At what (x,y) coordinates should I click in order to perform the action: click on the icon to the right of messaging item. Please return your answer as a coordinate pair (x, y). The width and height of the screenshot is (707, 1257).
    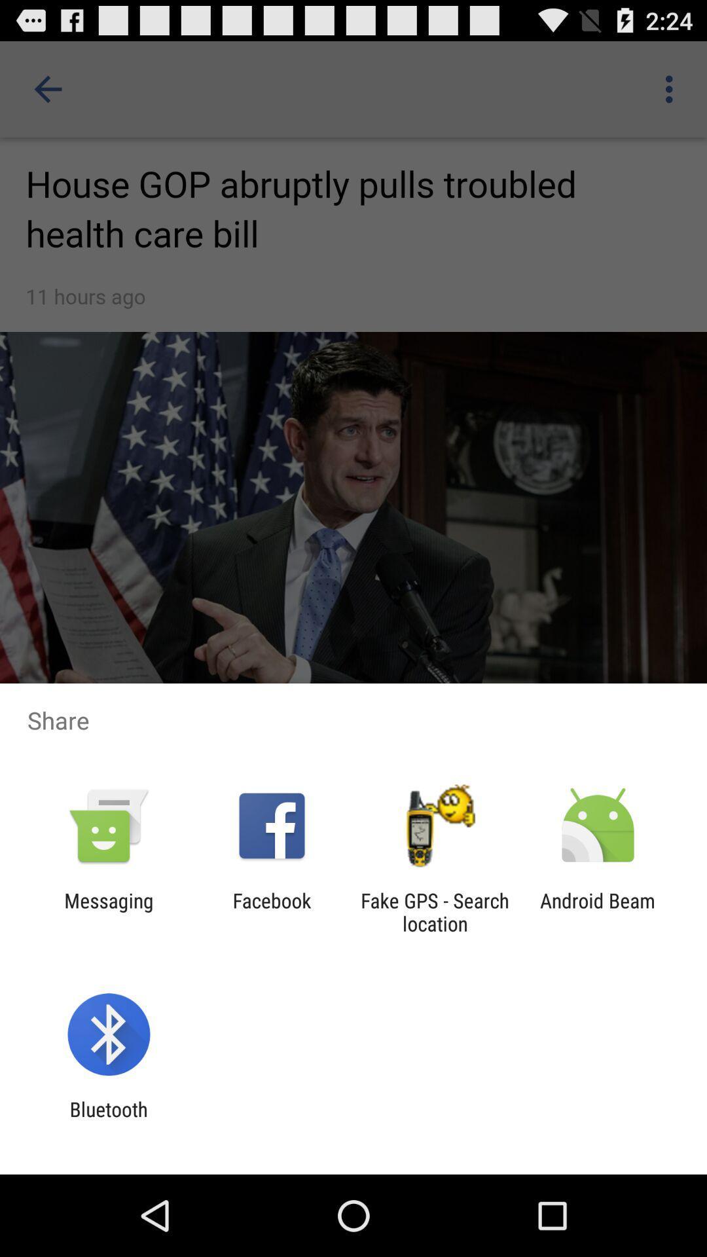
    Looking at the image, I should click on (271, 911).